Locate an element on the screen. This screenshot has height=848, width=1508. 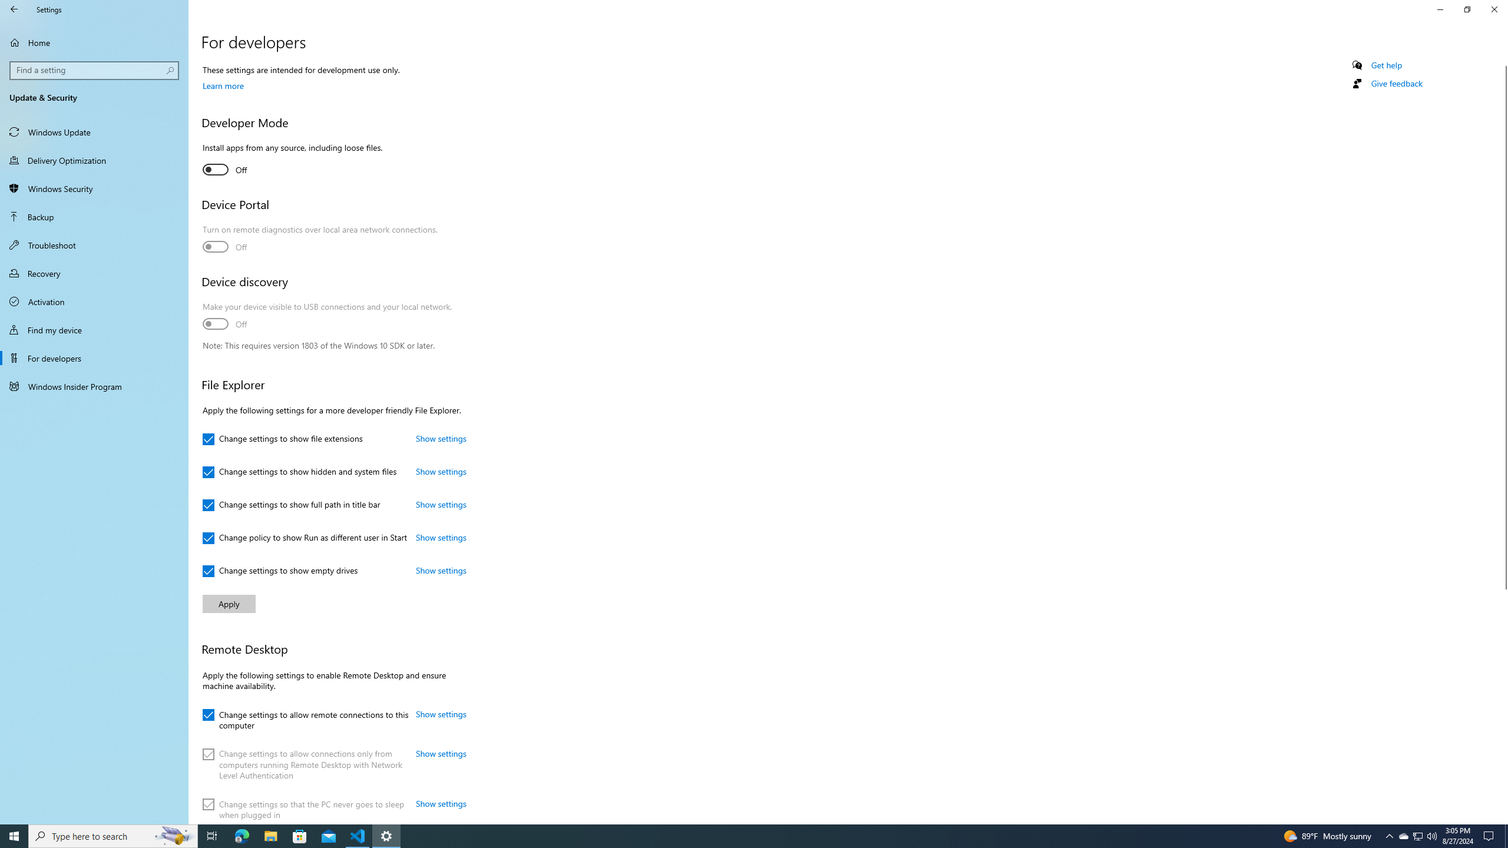
'Windows Update' is located at coordinates (94, 131).